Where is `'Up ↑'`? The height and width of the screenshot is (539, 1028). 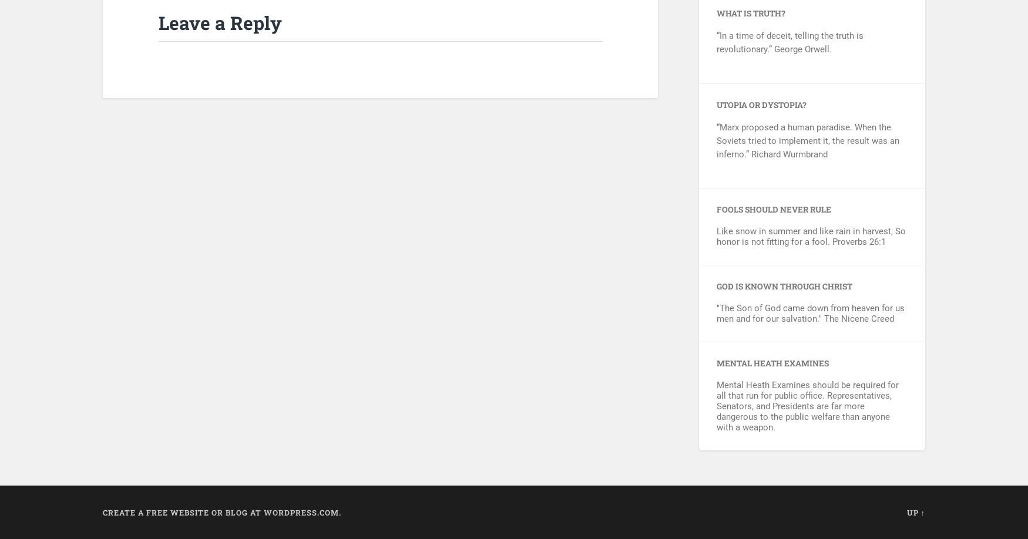
'Up ↑' is located at coordinates (915, 511).